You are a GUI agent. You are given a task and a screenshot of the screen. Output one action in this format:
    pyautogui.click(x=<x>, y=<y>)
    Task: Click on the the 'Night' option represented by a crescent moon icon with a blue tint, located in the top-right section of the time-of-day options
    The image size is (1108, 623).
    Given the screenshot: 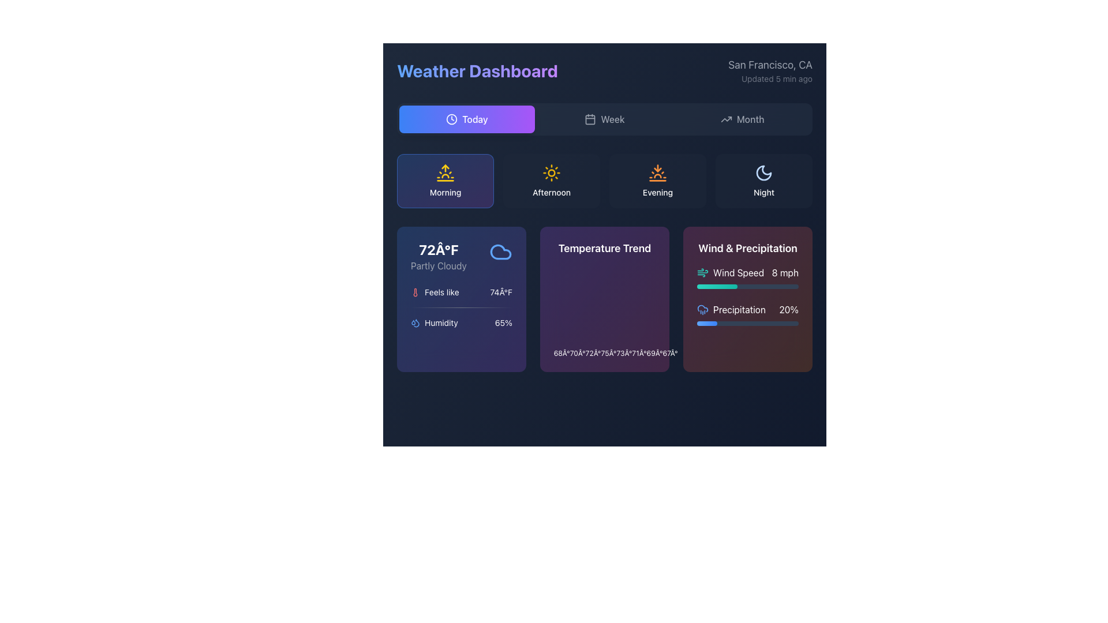 What is the action you would take?
    pyautogui.click(x=764, y=181)
    